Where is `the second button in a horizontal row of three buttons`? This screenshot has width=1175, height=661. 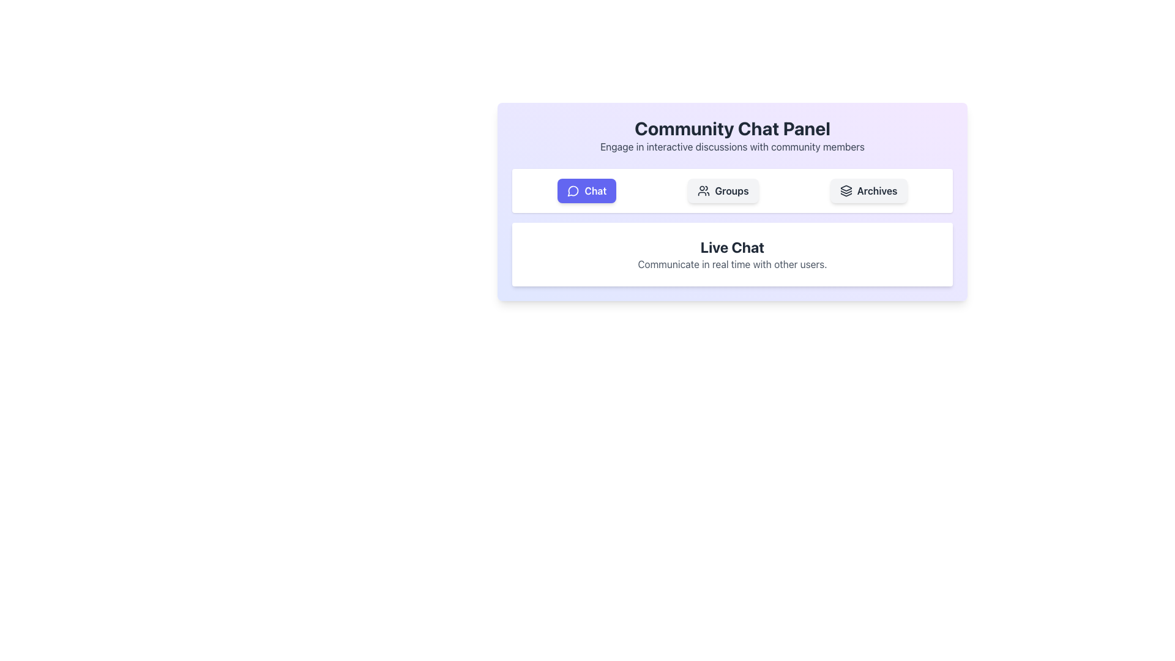 the second button in a horizontal row of three buttons is located at coordinates (723, 191).